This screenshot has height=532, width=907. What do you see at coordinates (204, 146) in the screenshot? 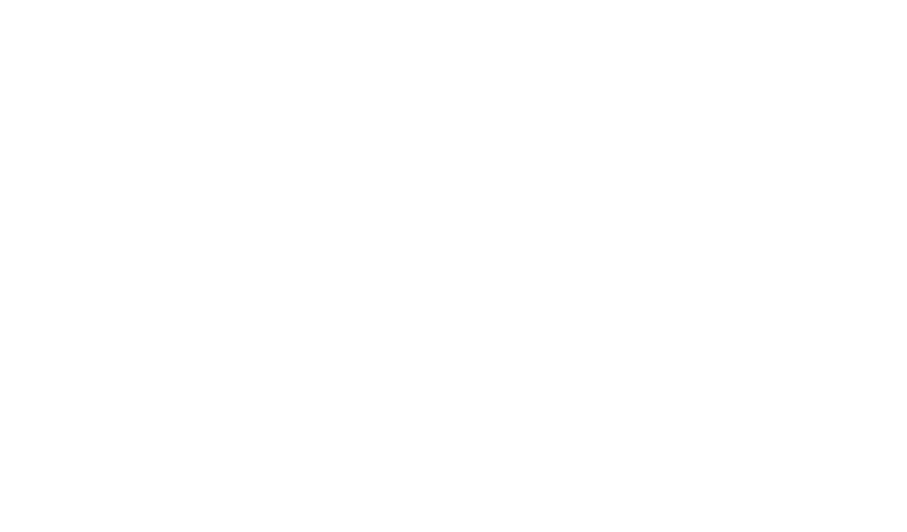
I see `'This thought was a trigger for the development of'` at bounding box center [204, 146].